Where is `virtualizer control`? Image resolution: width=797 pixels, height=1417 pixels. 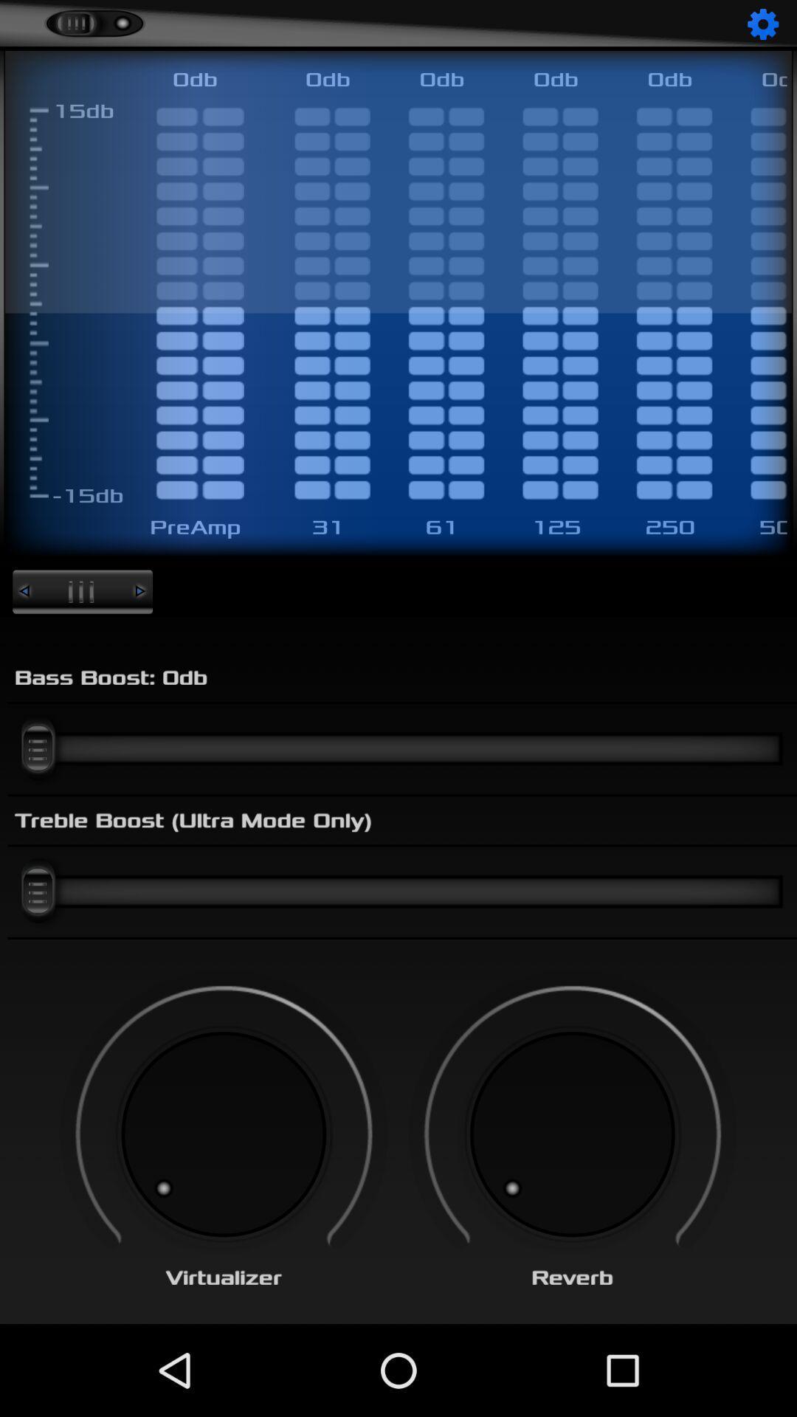
virtualizer control is located at coordinates (224, 1134).